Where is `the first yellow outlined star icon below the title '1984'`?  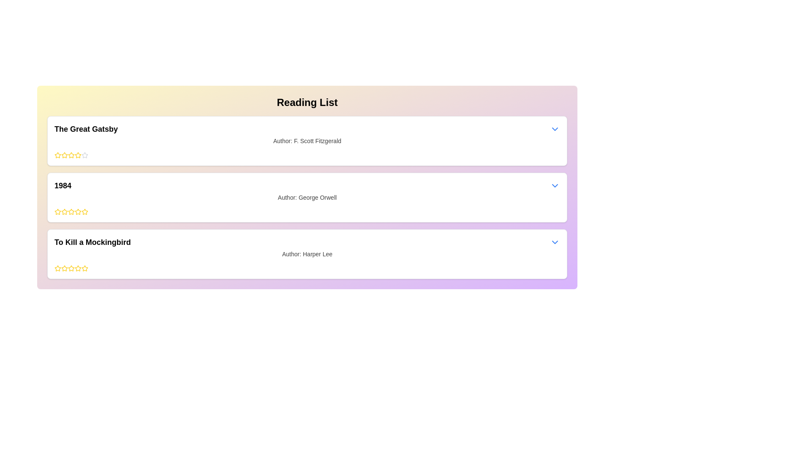 the first yellow outlined star icon below the title '1984' is located at coordinates (57, 211).